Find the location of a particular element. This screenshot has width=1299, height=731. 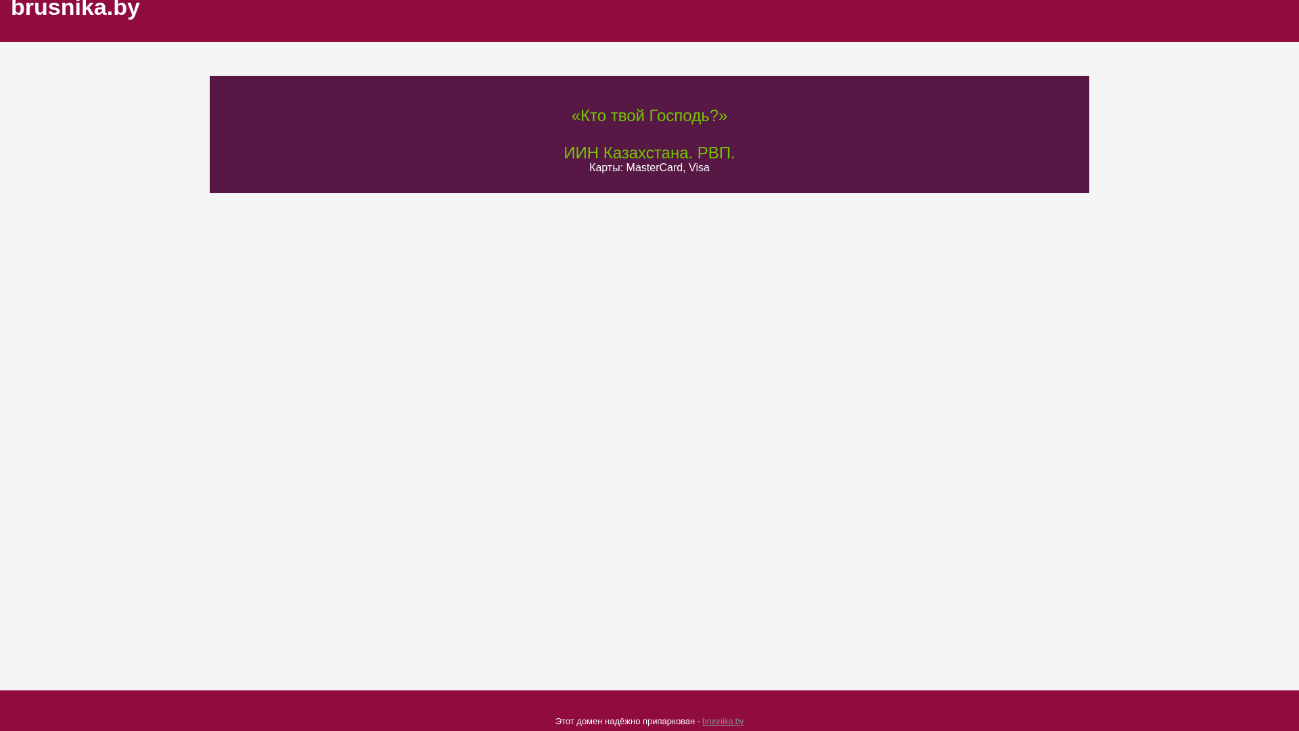

'brusnika.by' is located at coordinates (722, 720).